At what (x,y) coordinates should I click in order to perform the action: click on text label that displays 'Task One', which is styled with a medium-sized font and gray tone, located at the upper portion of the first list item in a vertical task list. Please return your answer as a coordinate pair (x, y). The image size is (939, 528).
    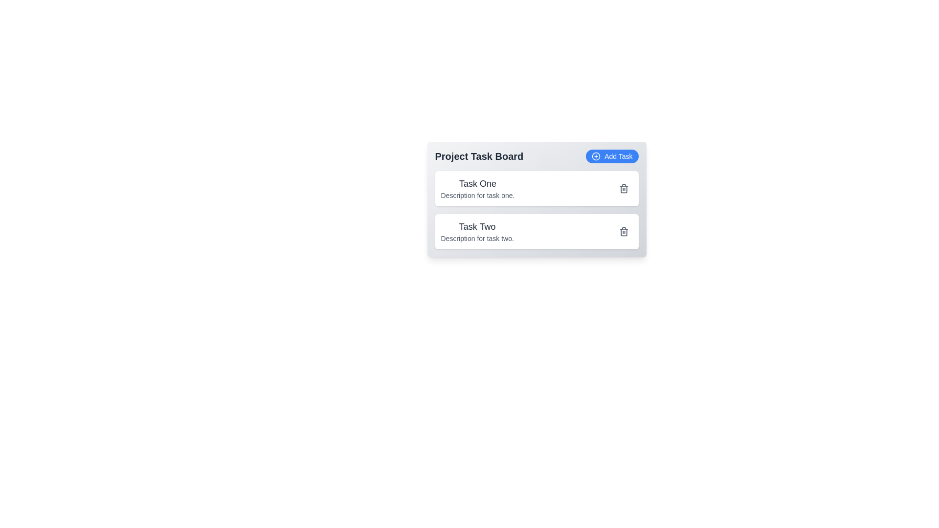
    Looking at the image, I should click on (477, 183).